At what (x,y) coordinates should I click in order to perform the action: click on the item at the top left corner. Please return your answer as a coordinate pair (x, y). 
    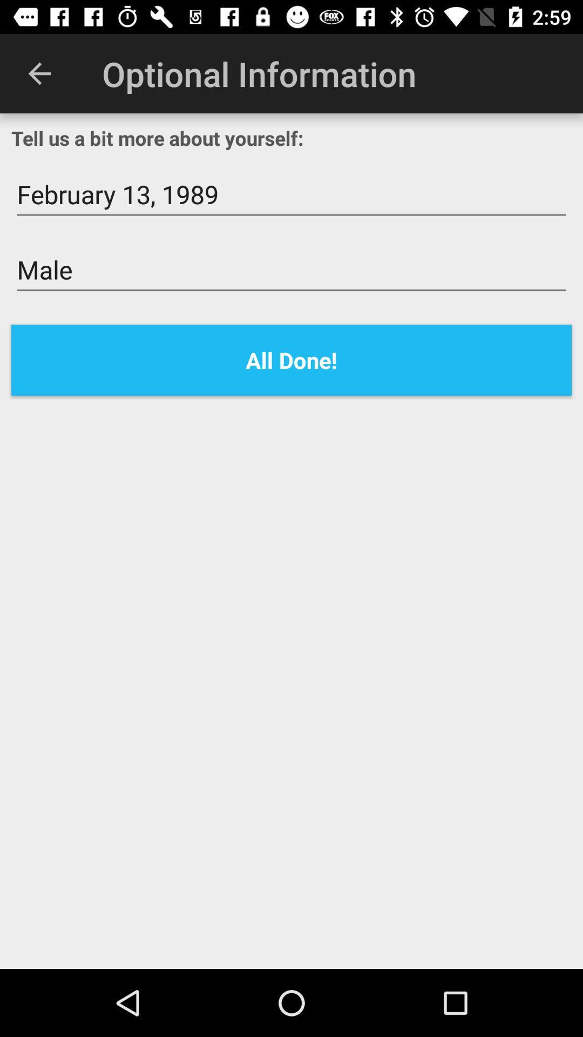
    Looking at the image, I should click on (39, 73).